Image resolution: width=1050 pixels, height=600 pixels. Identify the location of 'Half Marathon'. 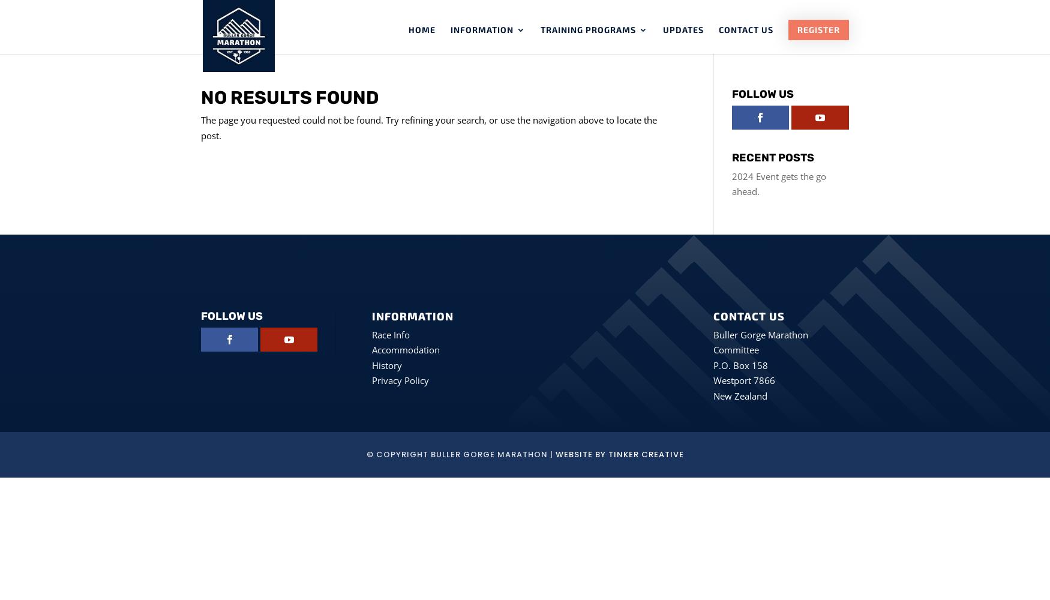
(602, 79).